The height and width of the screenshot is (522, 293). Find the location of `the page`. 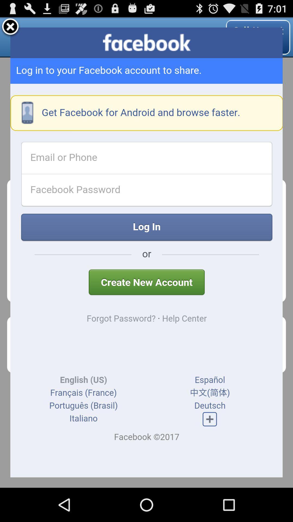

the page is located at coordinates (10, 27).